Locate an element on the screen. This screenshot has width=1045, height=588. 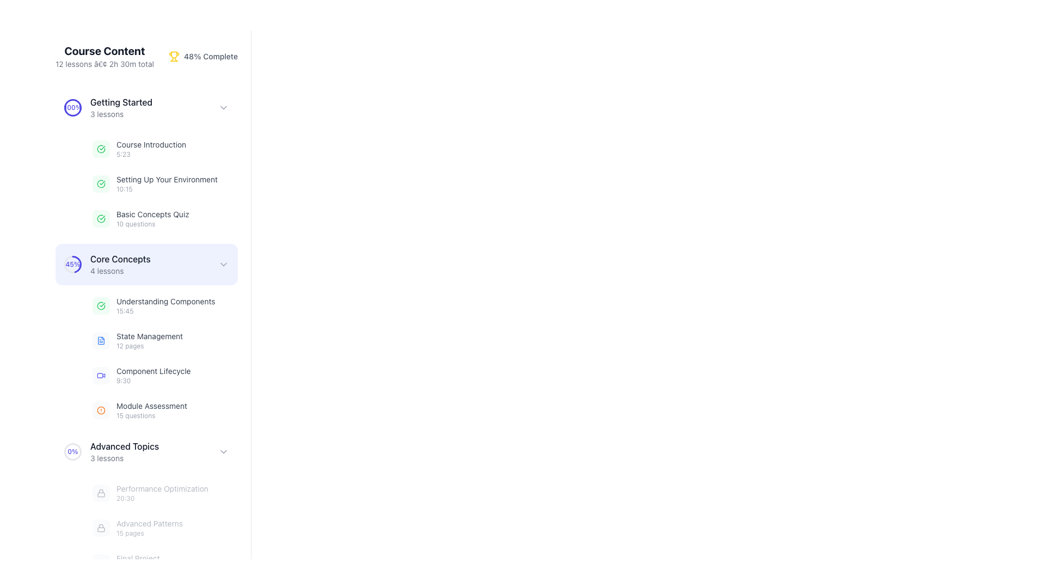
text label displaying '15:45', which is styled with a small font size and light gray color, positioned below 'Understanding Components' in the 'Core Concepts' section is located at coordinates (165, 311).